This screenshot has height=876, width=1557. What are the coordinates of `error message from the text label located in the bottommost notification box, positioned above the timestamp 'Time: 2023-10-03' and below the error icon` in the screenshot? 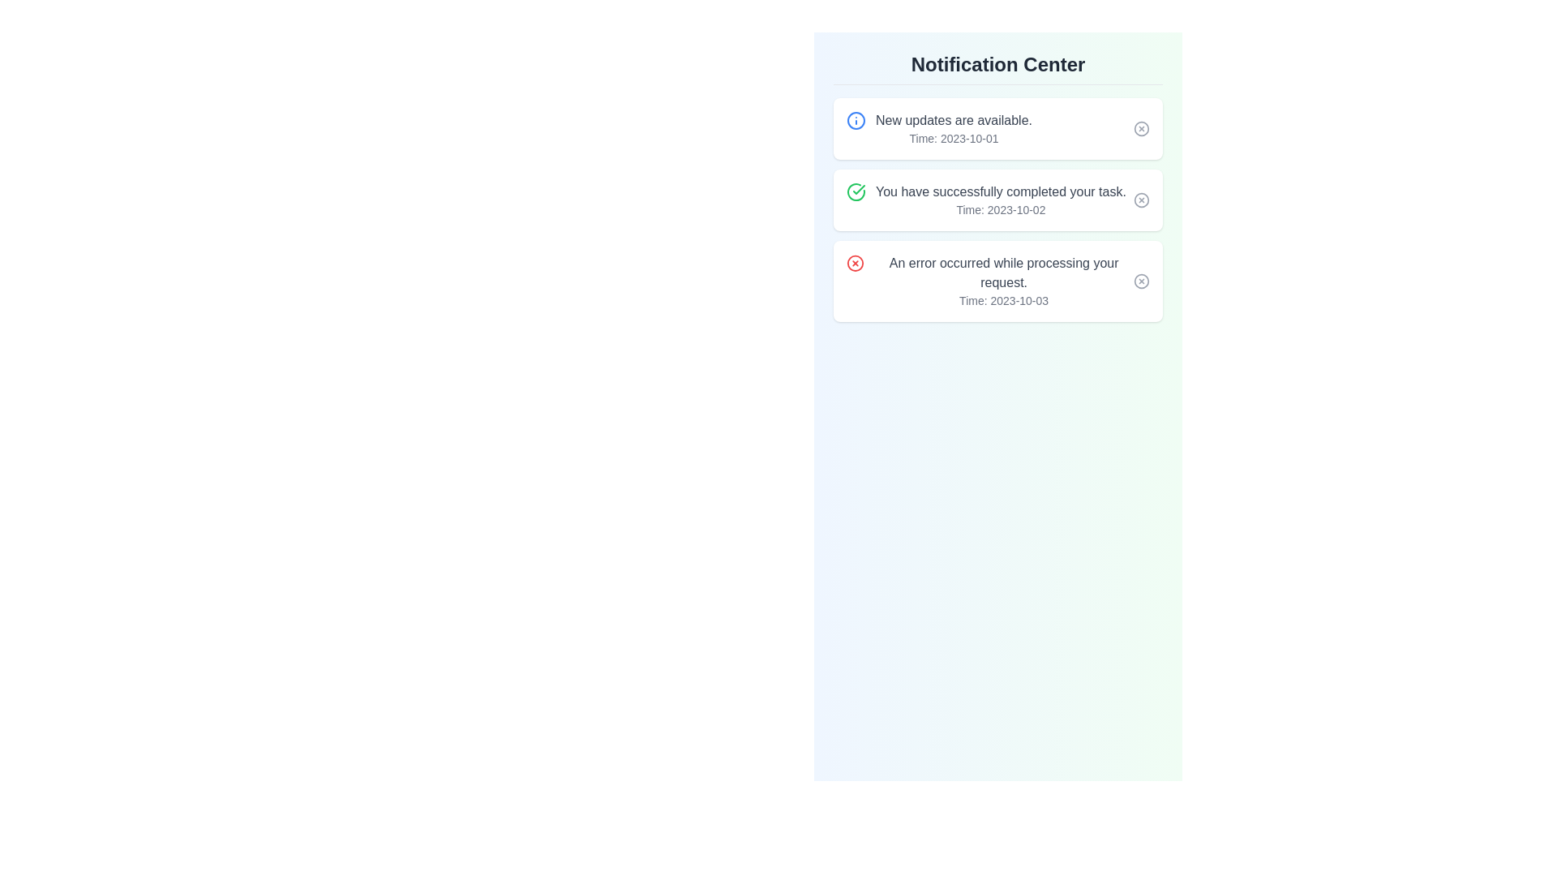 It's located at (1003, 272).